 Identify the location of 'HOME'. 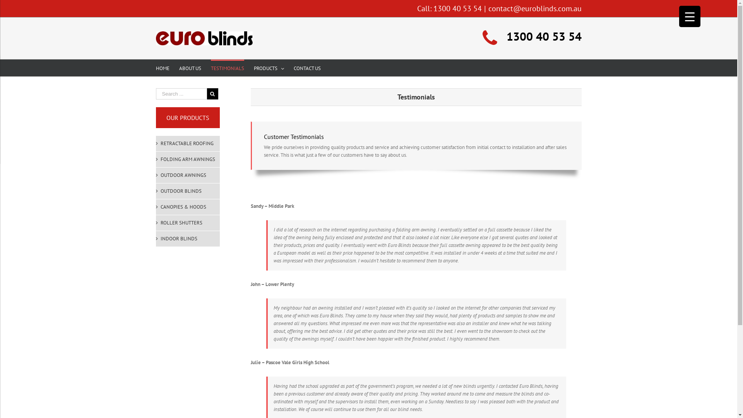
(162, 67).